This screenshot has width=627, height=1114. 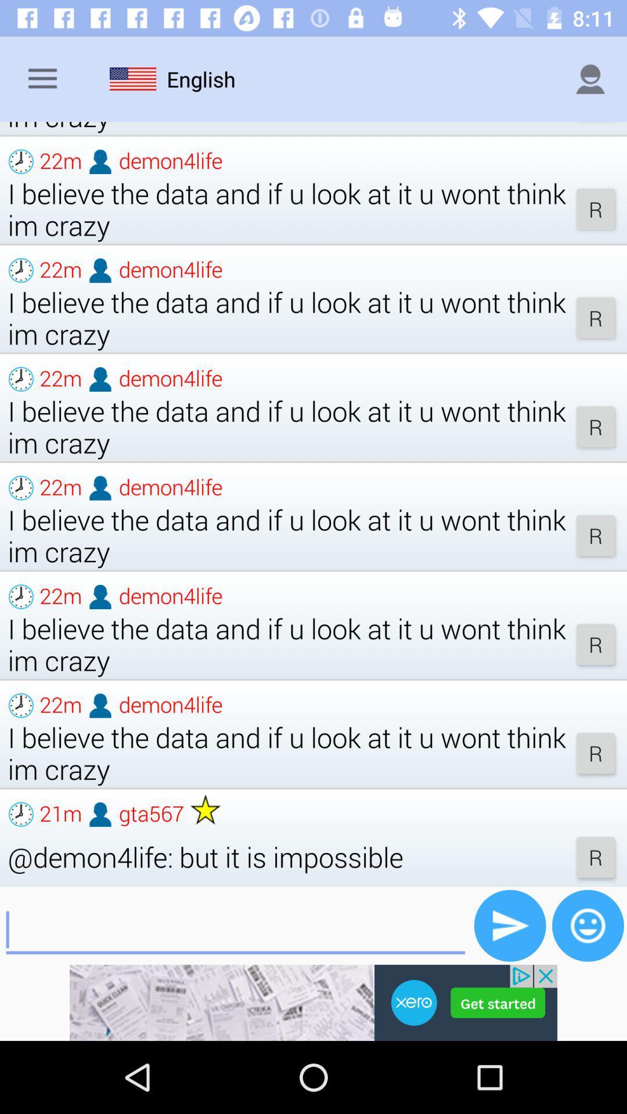 What do you see at coordinates (596, 317) in the screenshot?
I see `the second r button in the page` at bounding box center [596, 317].